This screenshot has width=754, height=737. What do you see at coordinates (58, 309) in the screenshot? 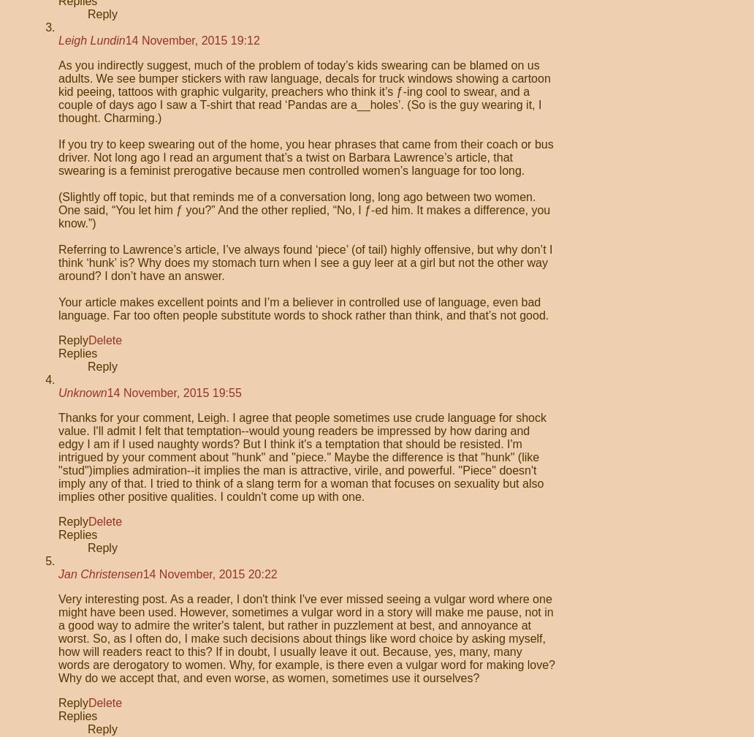
I see `'Your article makes excellent points and I’m a believer in controlled use of language, even bad language. Far too often people substitute words to shock rather than think, and that’s not good.'` at bounding box center [58, 309].